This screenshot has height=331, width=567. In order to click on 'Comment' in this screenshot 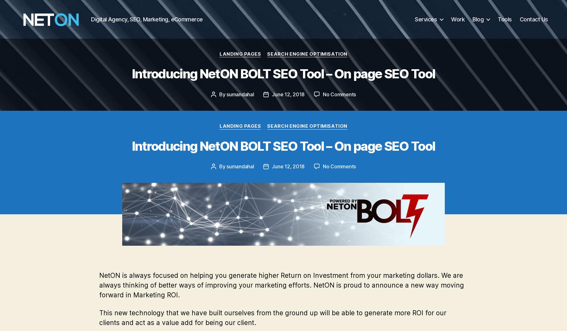, I will do `click(203, 308)`.